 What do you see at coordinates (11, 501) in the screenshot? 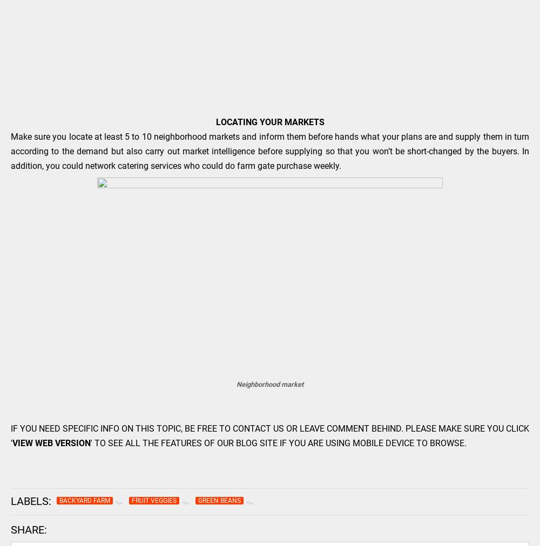
I see `'Labels:'` at bounding box center [11, 501].